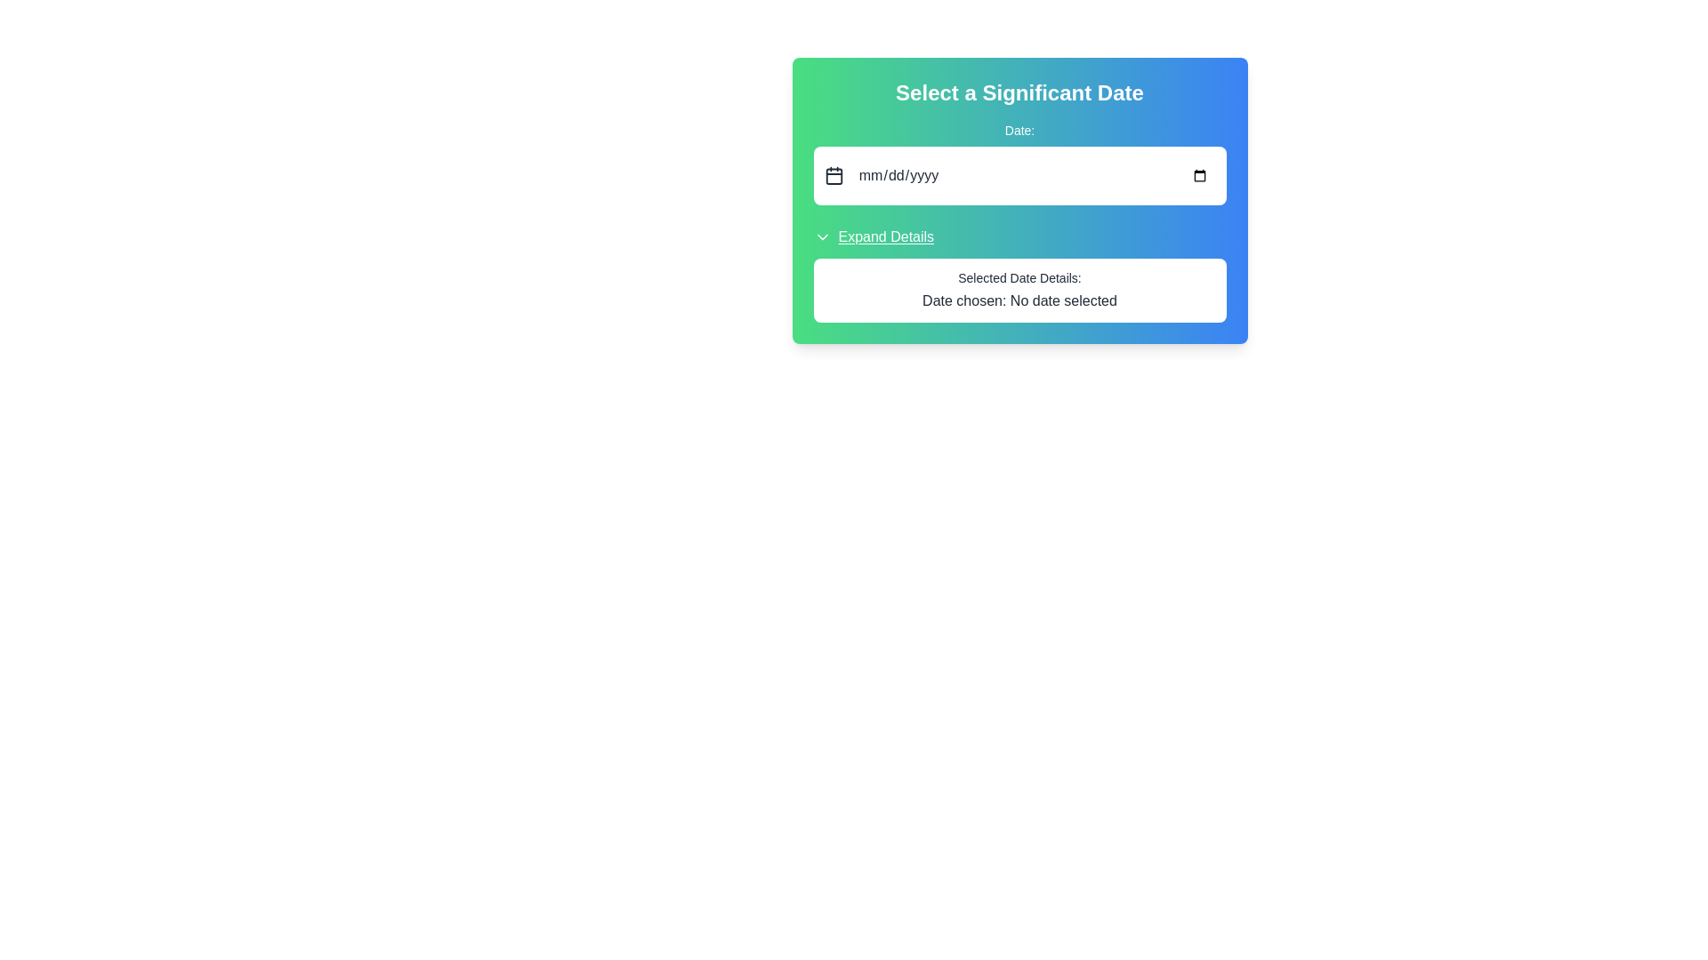 This screenshot has height=960, width=1708. Describe the element at coordinates (1033, 175) in the screenshot. I see `the rectangular date input field with placeholder 'mm/dd/yyyy' to receive potential visual feedback` at that location.